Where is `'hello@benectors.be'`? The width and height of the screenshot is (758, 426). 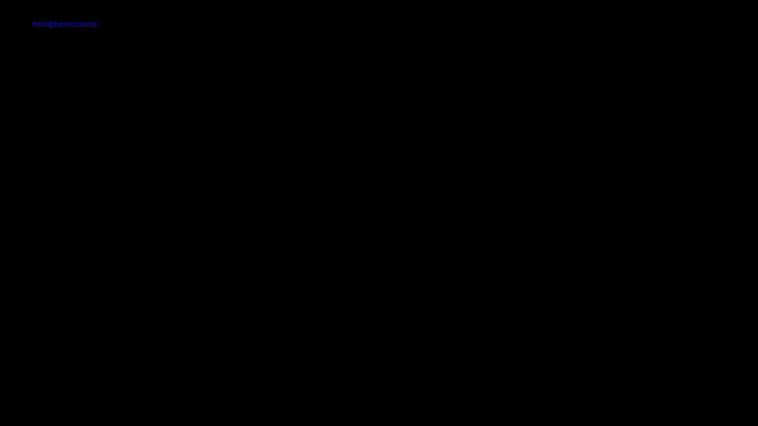
'hello@benectors.be' is located at coordinates (32, 23).